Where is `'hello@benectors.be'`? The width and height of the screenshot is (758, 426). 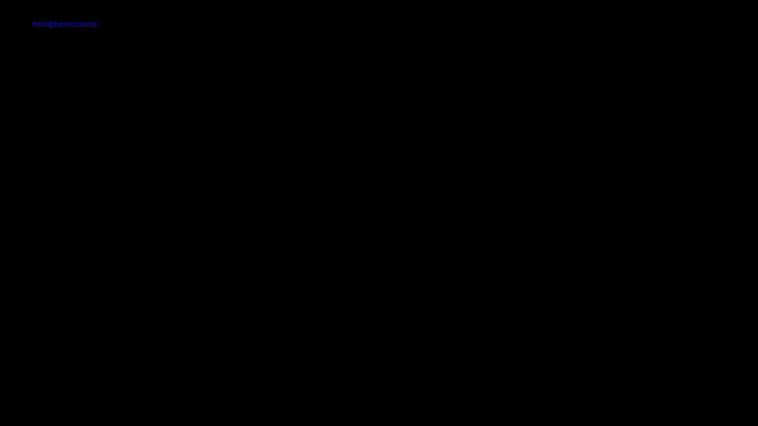
'hello@benectors.be' is located at coordinates (32, 23).